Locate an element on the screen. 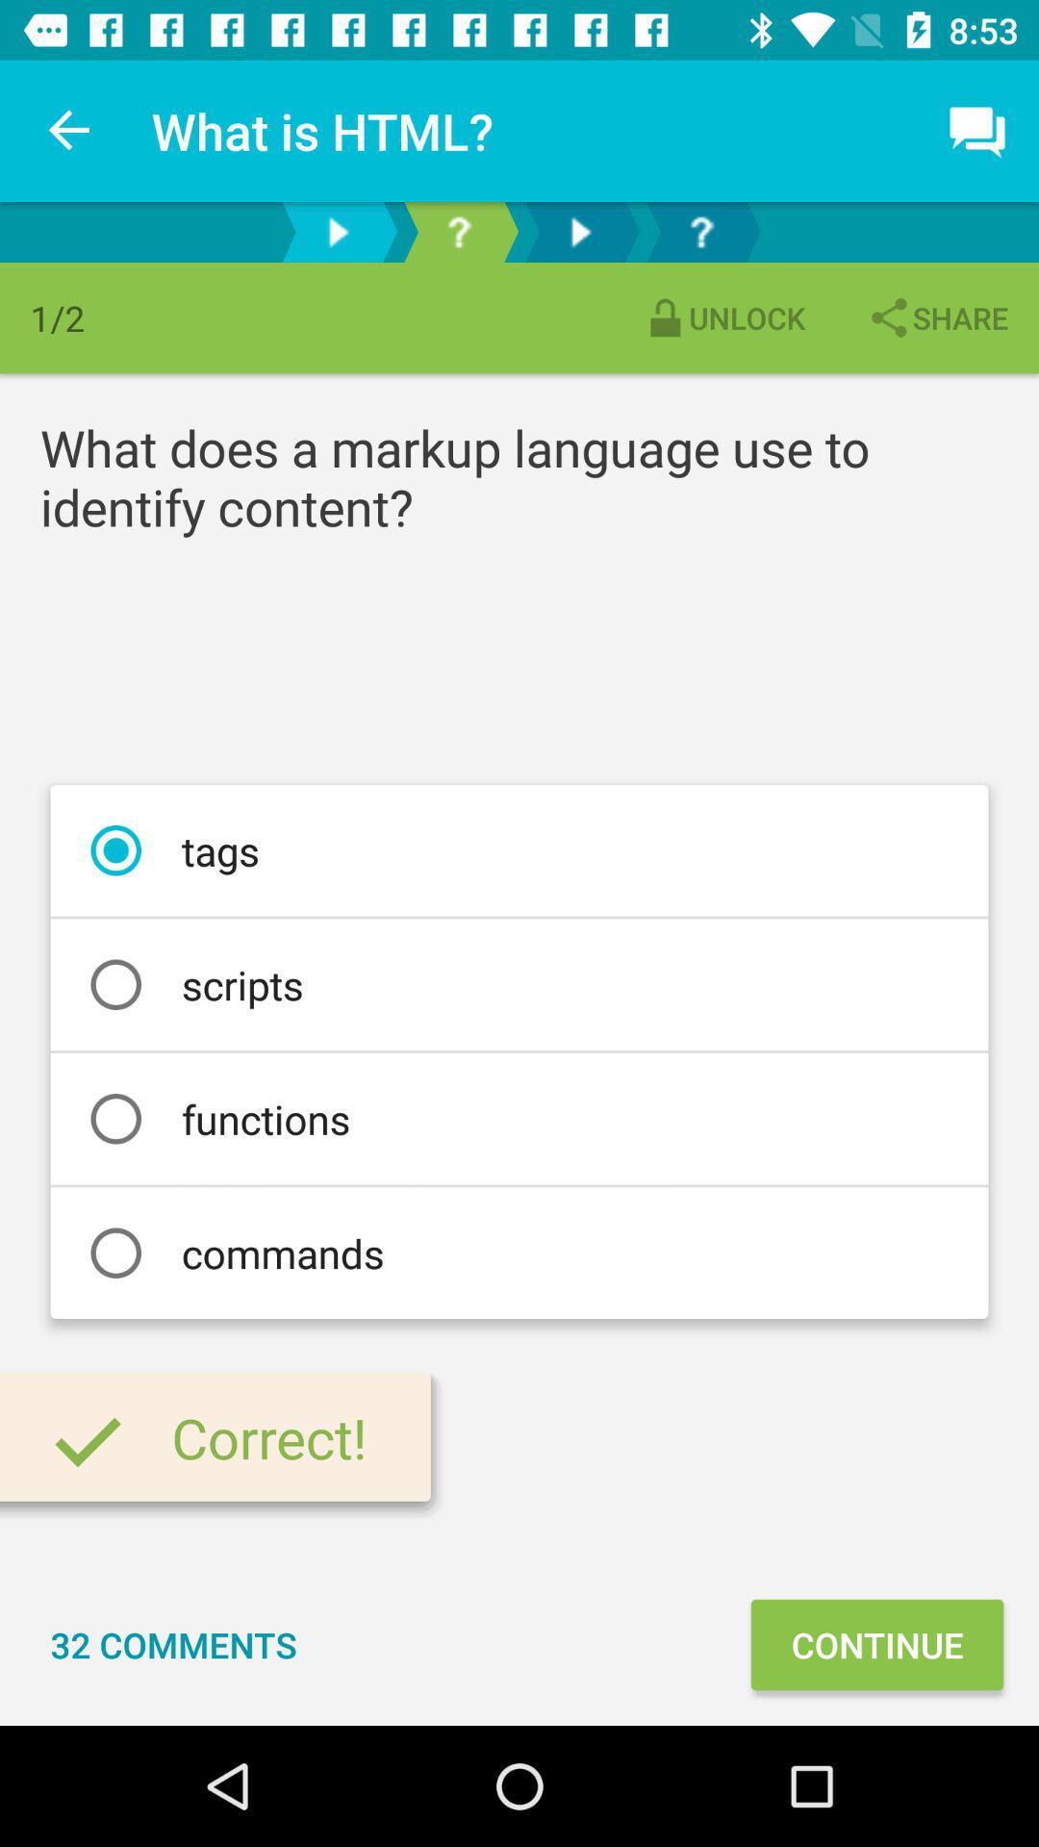 The height and width of the screenshot is (1847, 1039). next icon is located at coordinates (578, 231).